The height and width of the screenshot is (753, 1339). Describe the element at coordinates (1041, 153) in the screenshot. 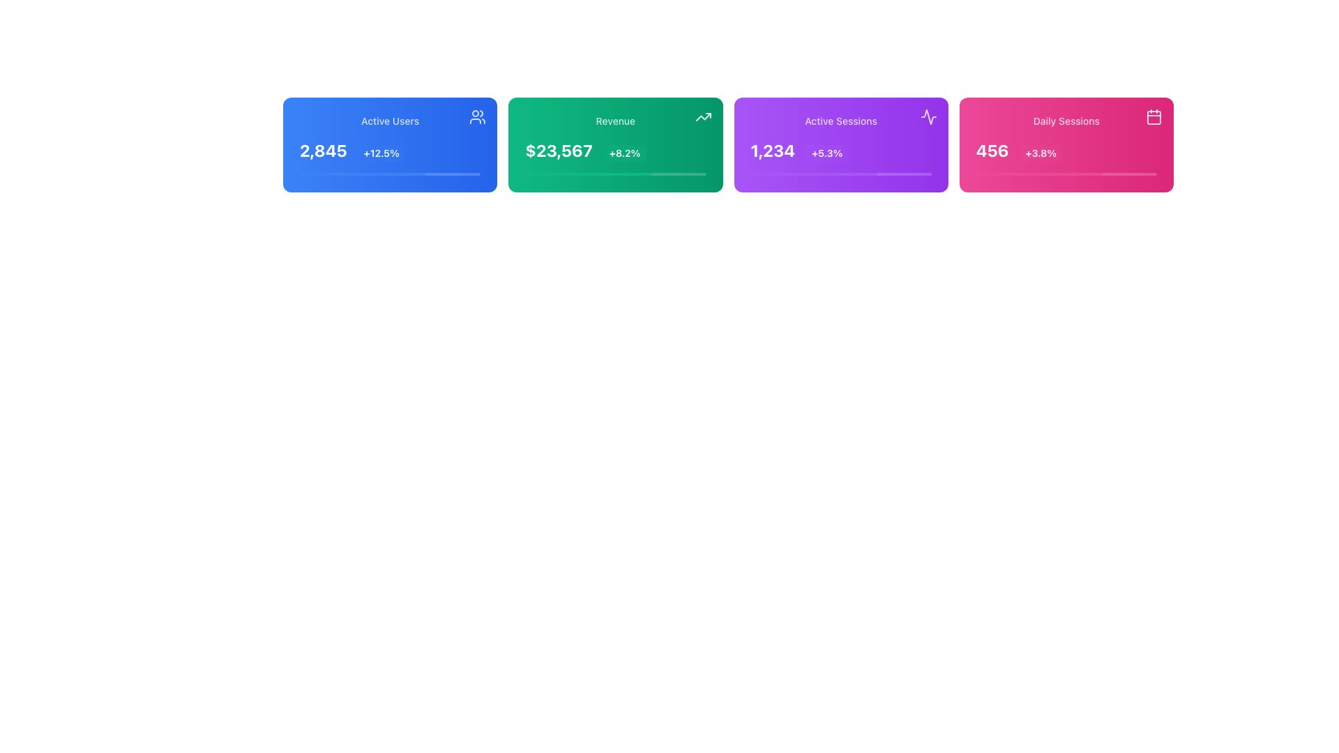

I see `the rounded label displaying '+3.8%' with a pink background and white font, located within the 'Daily Sessions' card, to the right of the number '456'` at that location.